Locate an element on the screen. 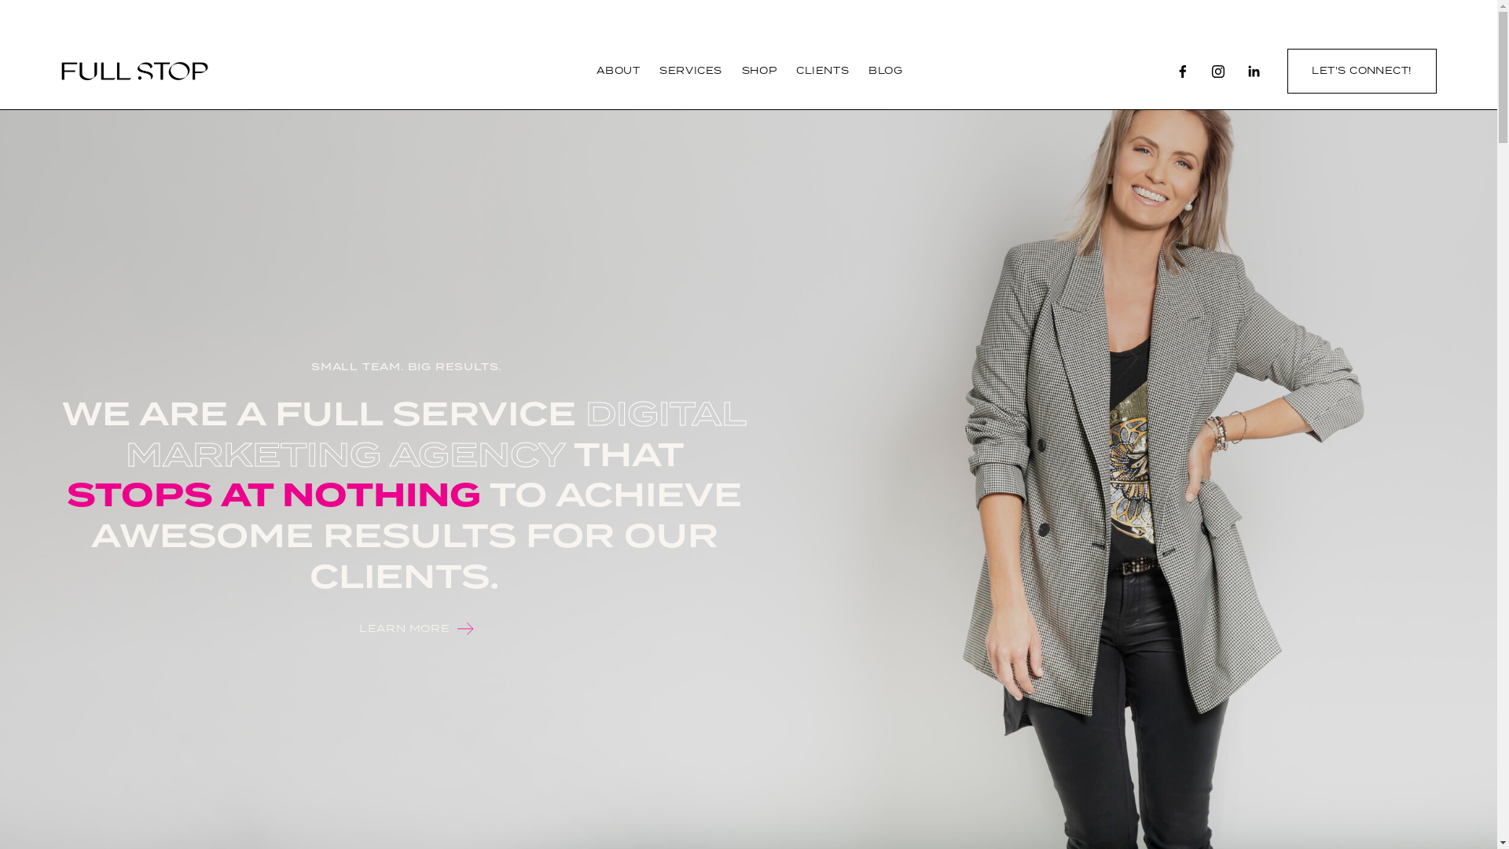  'BLOG' is located at coordinates (885, 72).